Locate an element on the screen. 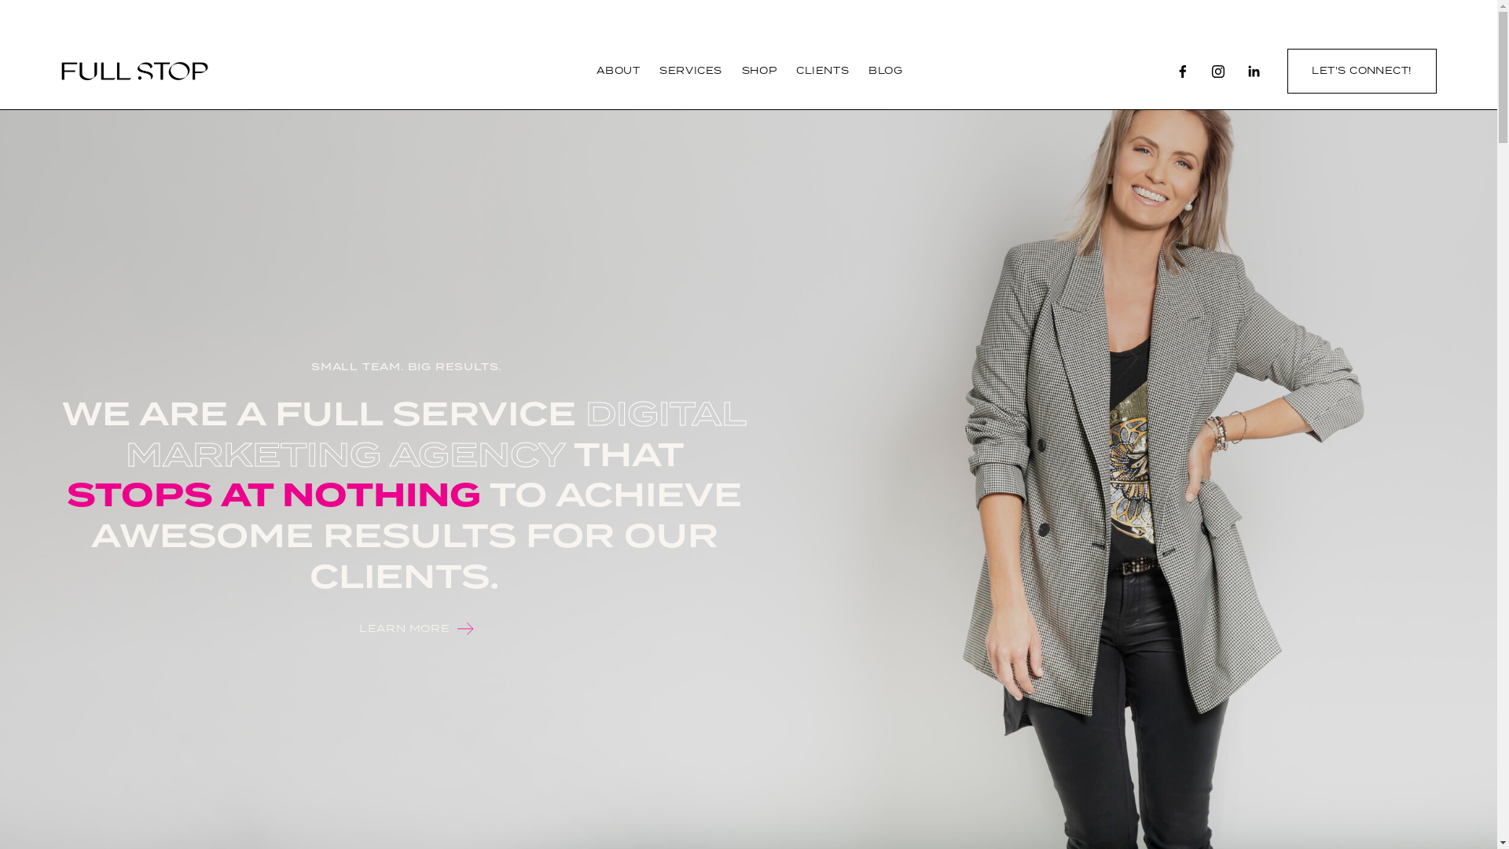  'BLOG' is located at coordinates (885, 72).